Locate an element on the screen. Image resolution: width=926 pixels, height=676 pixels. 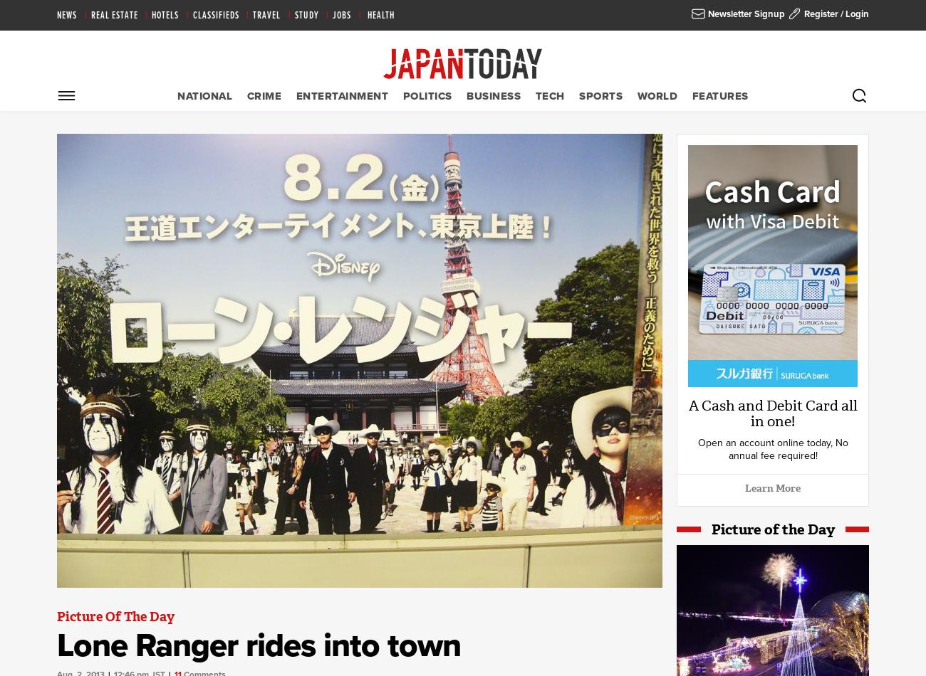
'Politics' is located at coordinates (427, 95).